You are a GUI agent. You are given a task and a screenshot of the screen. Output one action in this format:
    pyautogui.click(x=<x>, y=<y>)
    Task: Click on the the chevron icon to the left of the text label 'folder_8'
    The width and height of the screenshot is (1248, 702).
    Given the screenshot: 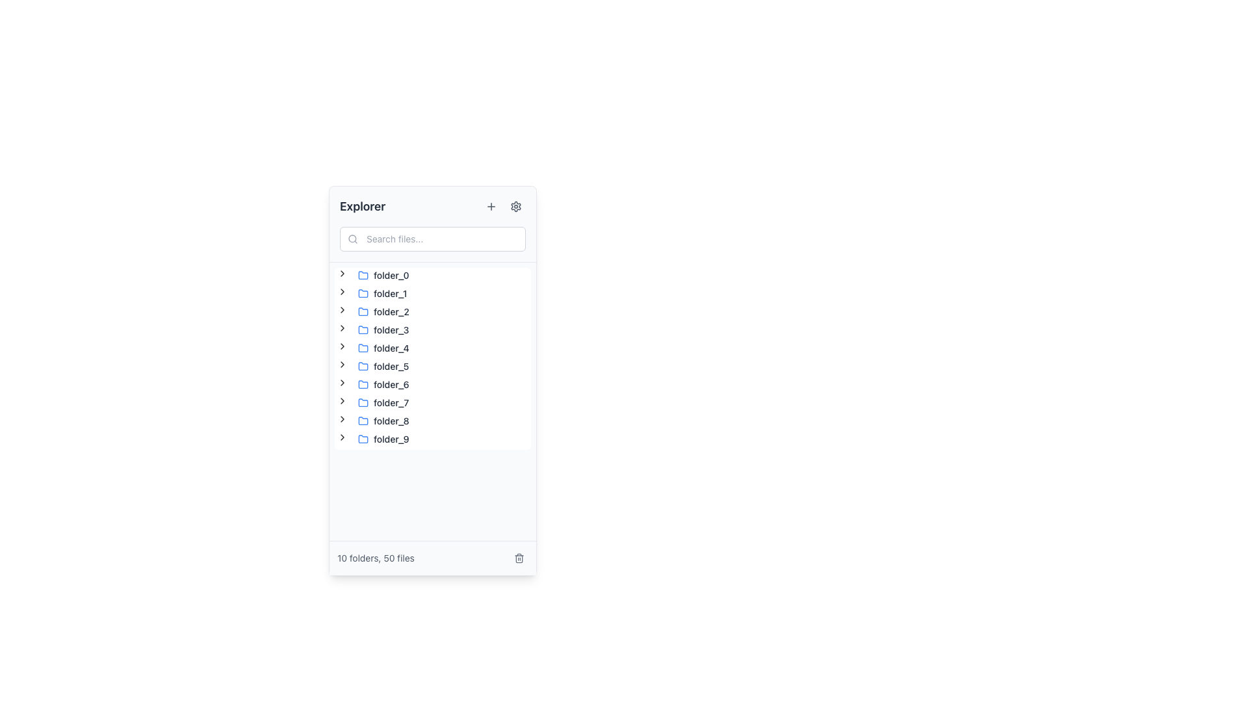 What is the action you would take?
    pyautogui.click(x=343, y=421)
    